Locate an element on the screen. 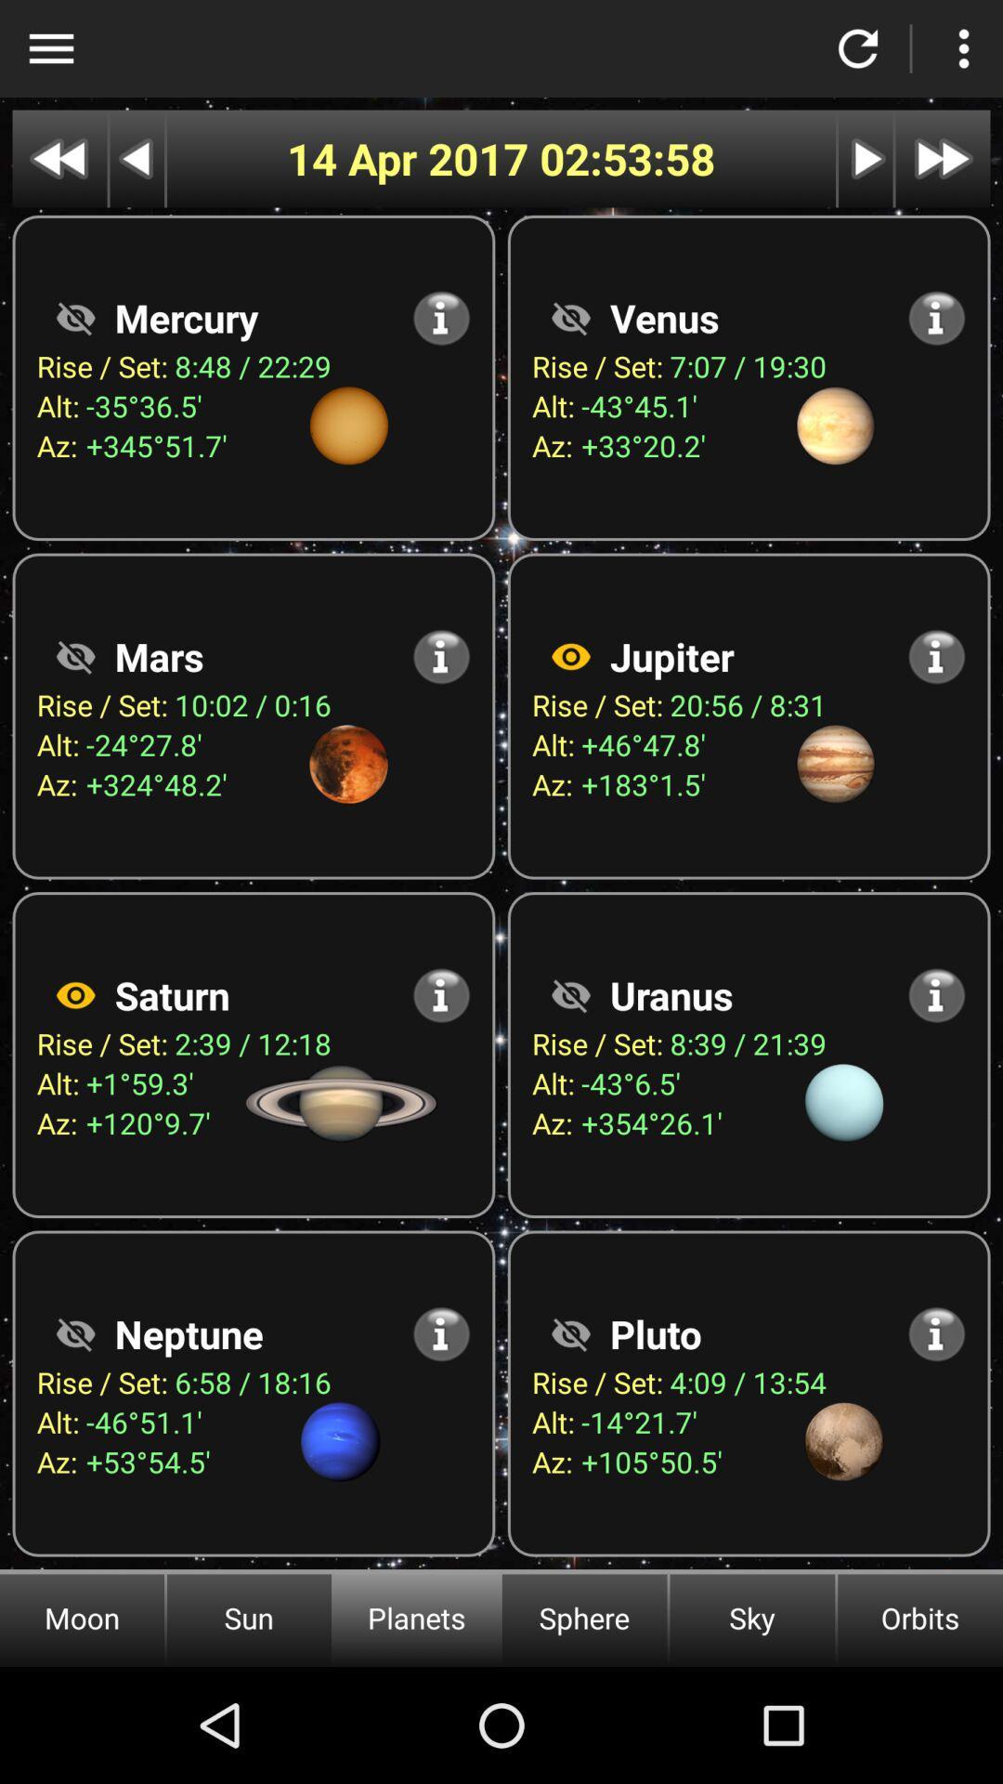 The width and height of the screenshot is (1003, 1784). jupiter is located at coordinates (569, 656).